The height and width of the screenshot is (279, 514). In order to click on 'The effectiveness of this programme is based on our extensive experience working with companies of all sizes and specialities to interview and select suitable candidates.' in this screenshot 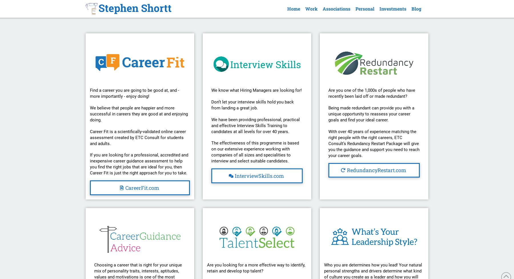, I will do `click(255, 152)`.